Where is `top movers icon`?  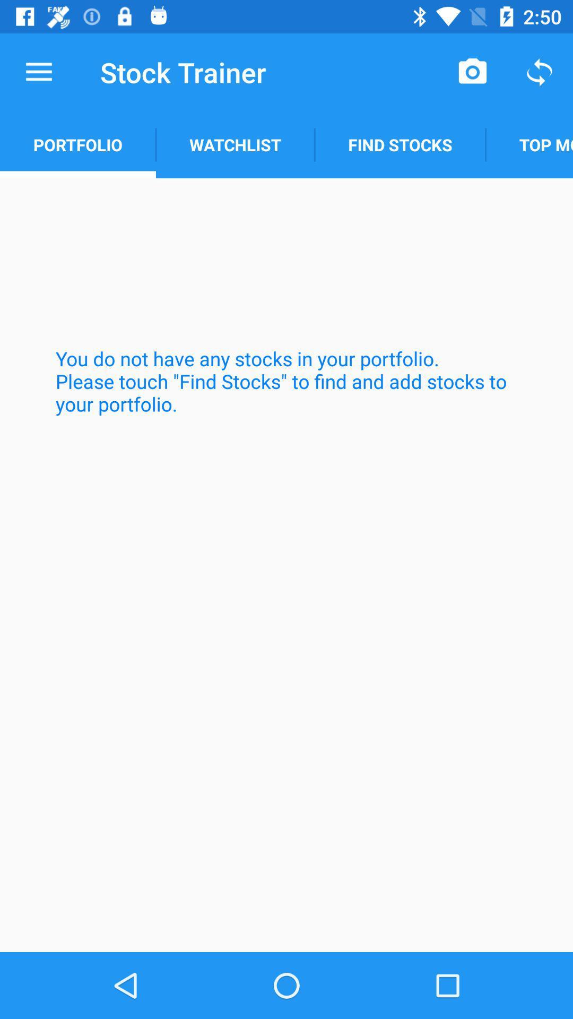
top movers icon is located at coordinates (529, 144).